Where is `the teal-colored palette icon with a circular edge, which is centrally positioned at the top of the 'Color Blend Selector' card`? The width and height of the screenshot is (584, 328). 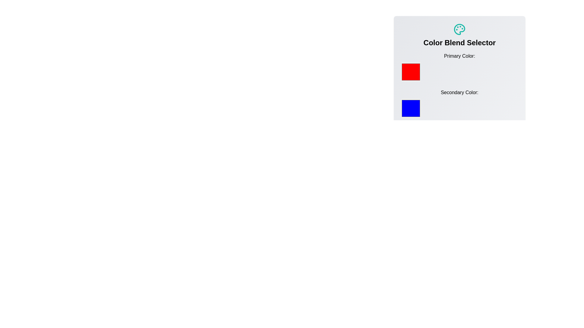 the teal-colored palette icon with a circular edge, which is centrally positioned at the top of the 'Color Blend Selector' card is located at coordinates (460, 29).